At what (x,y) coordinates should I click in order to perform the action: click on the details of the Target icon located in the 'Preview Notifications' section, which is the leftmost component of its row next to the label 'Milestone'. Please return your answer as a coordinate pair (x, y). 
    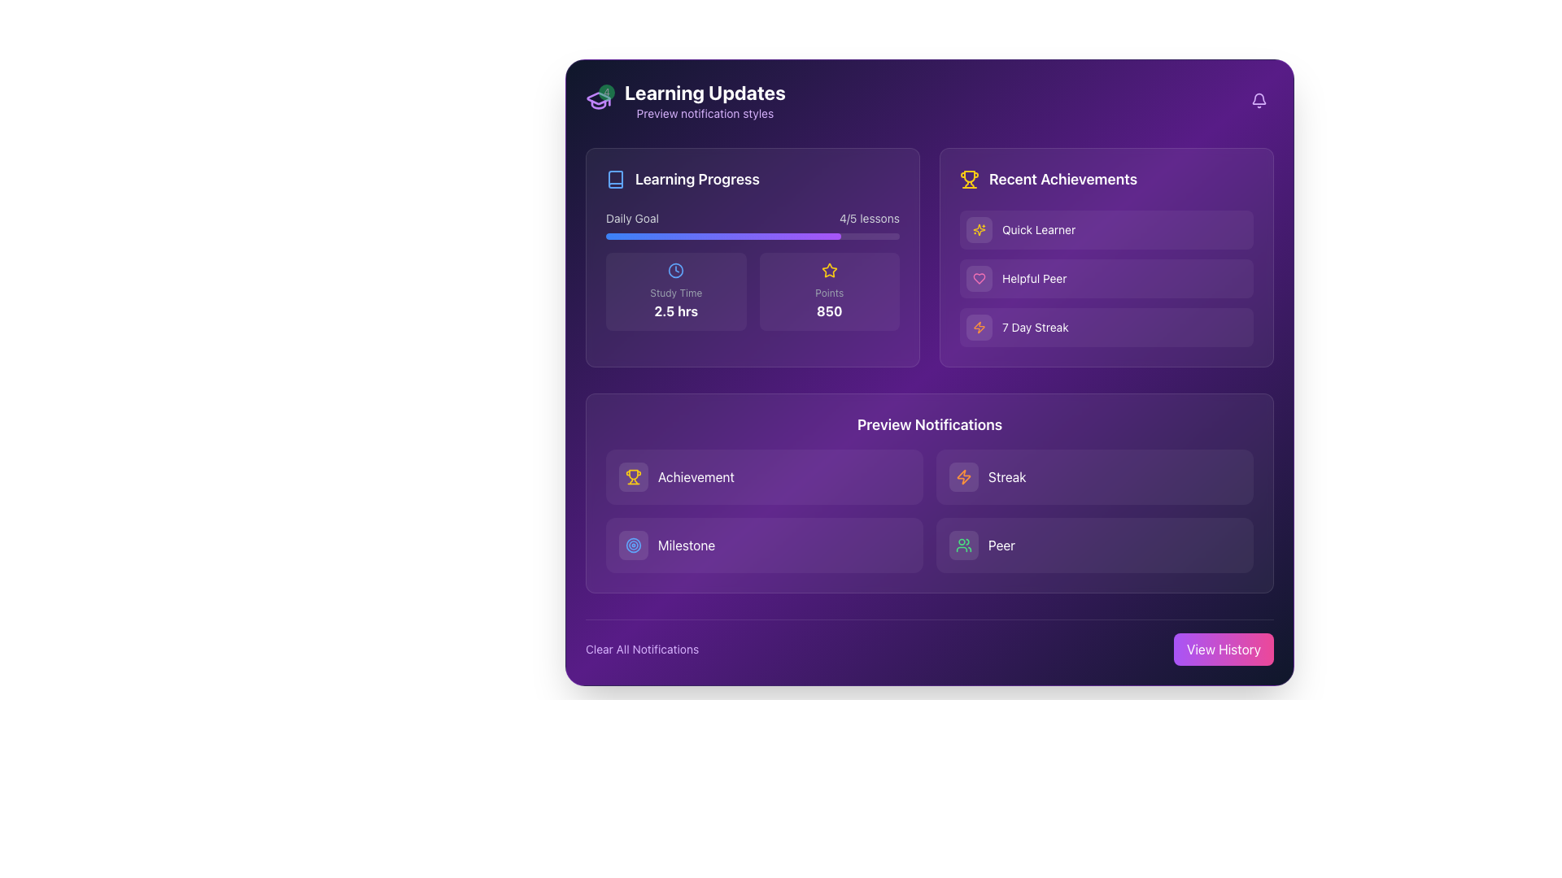
    Looking at the image, I should click on (632, 545).